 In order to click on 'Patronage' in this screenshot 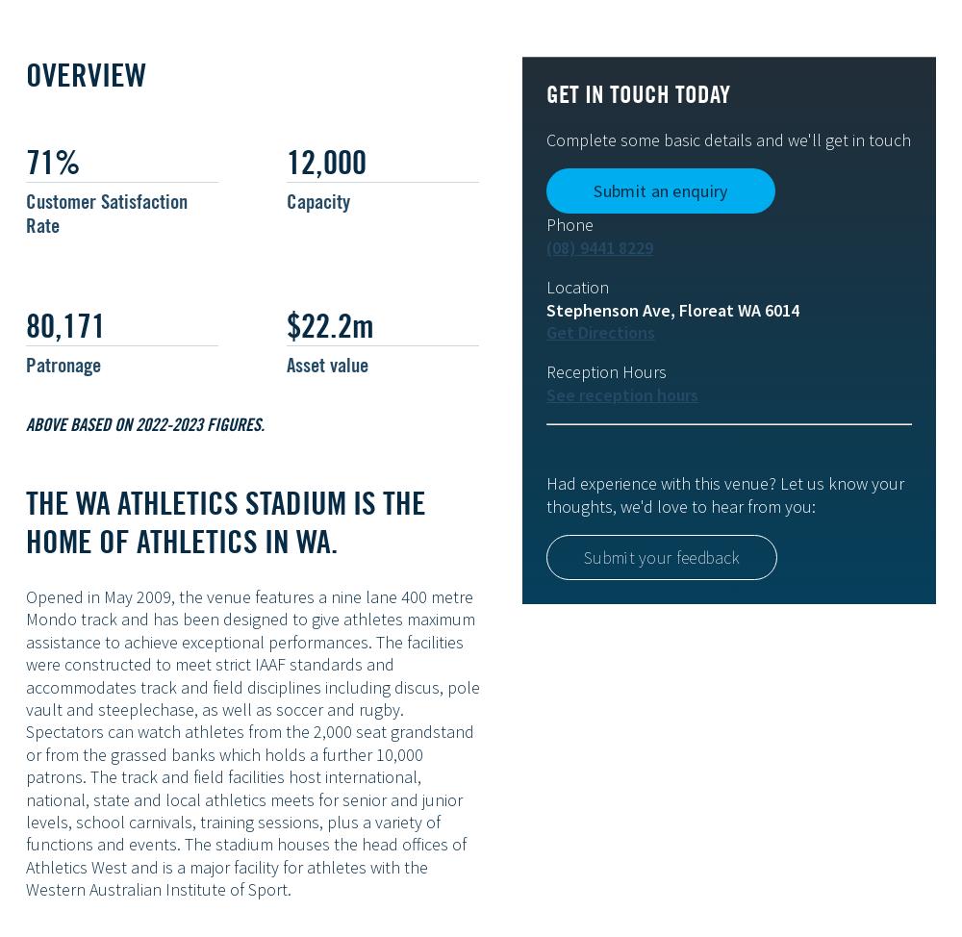, I will do `click(63, 364)`.